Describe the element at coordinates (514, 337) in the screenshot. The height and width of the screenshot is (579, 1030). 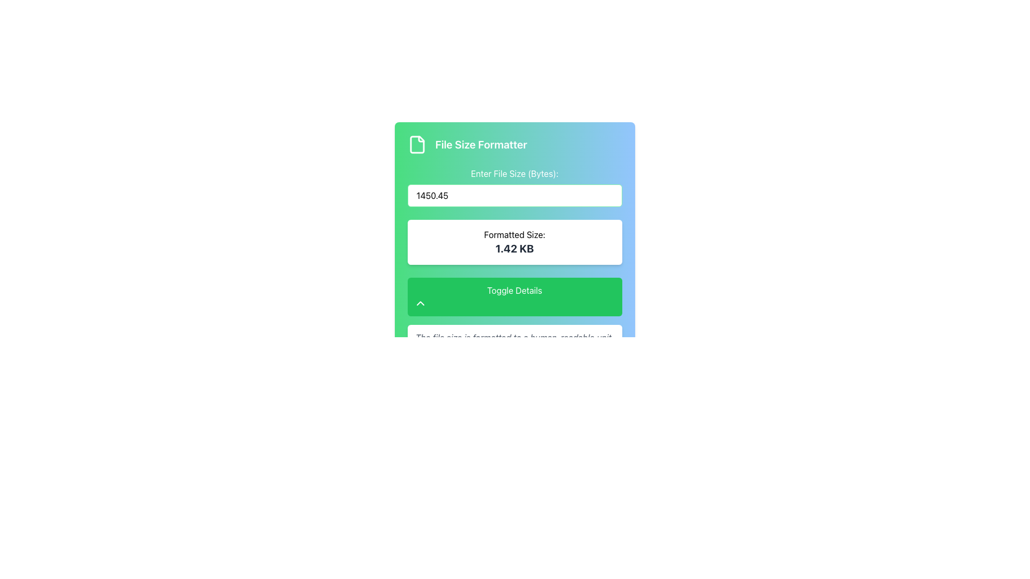
I see `informative text block located at the bottom of the containing card, directly below the 'Toggle Details' green button` at that location.